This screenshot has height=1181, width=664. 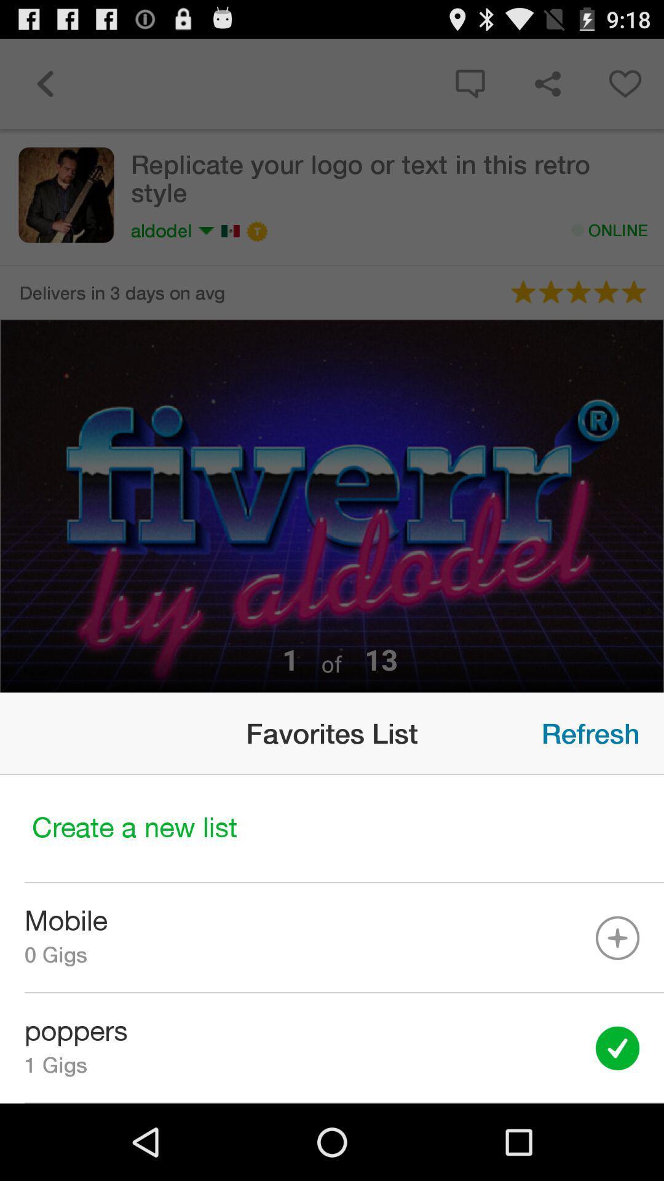 I want to click on the icon next to favorites list item, so click(x=590, y=733).